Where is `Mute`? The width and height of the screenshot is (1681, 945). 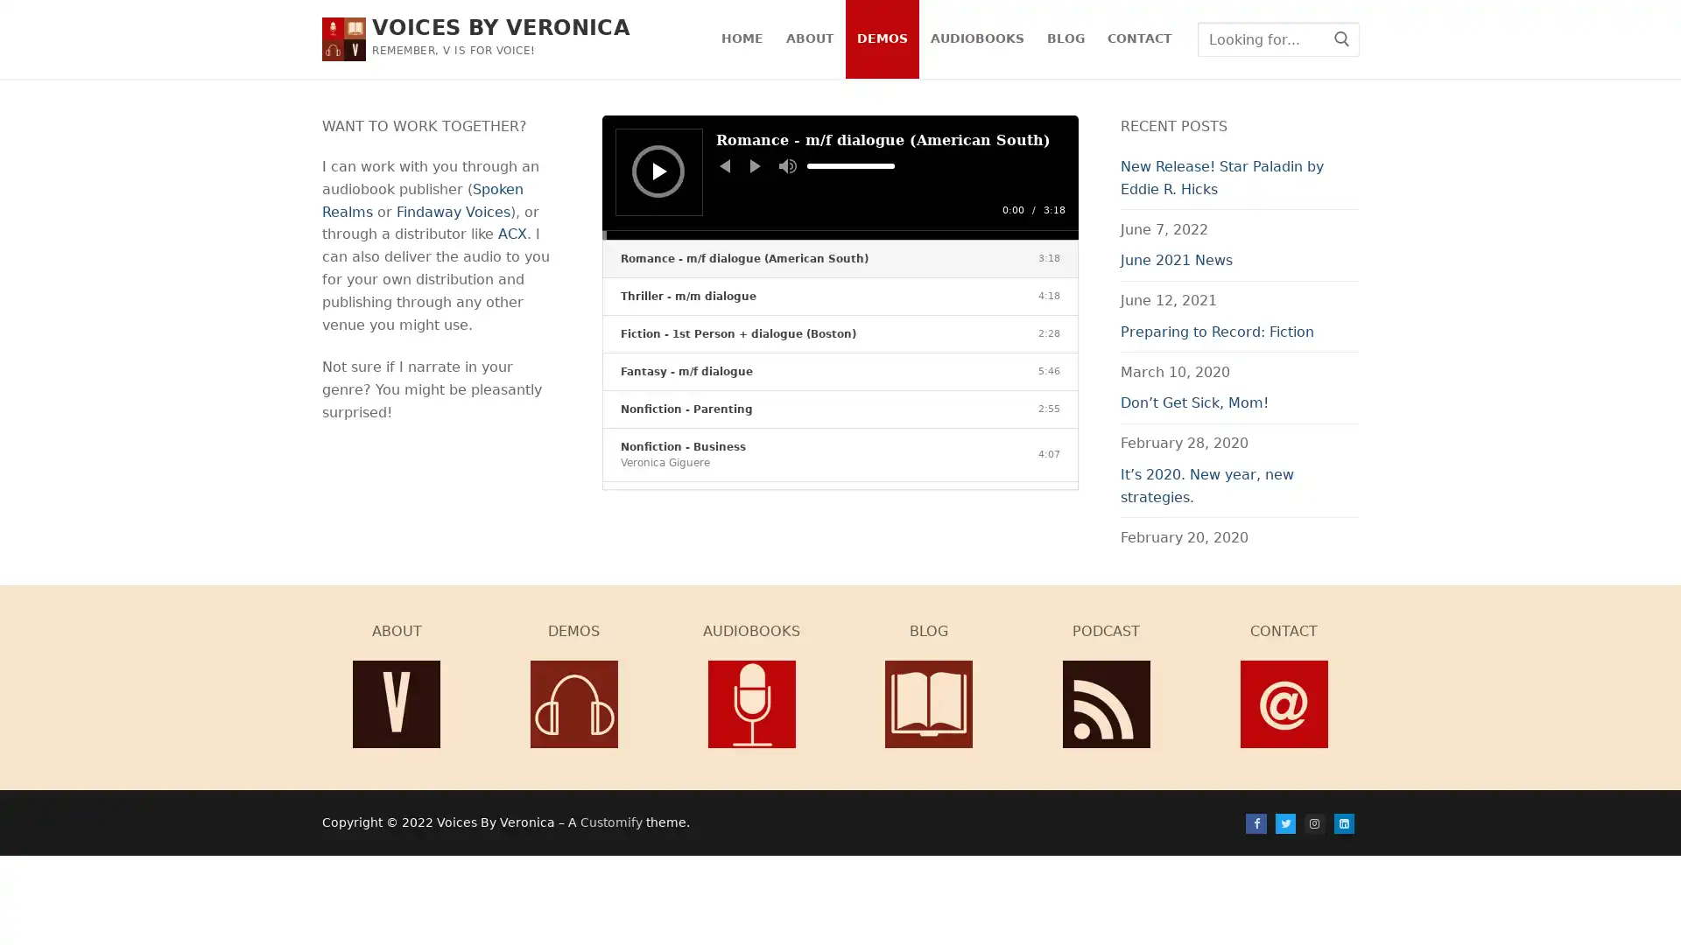 Mute is located at coordinates (787, 165).